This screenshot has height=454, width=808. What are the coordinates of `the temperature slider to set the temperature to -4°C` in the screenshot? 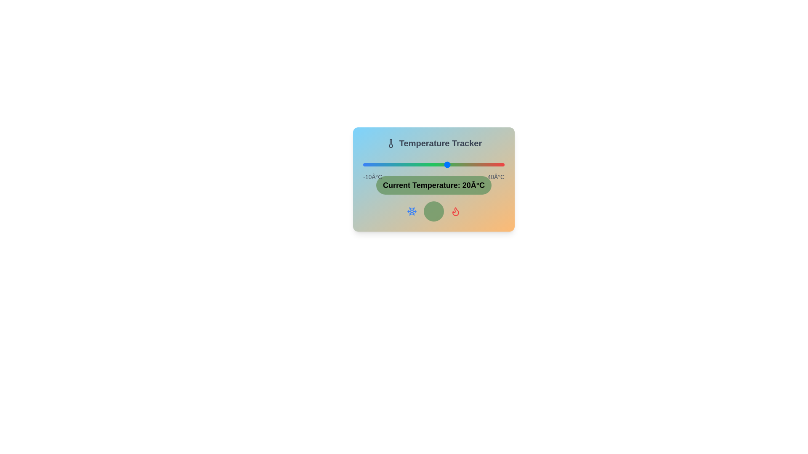 It's located at (380, 165).